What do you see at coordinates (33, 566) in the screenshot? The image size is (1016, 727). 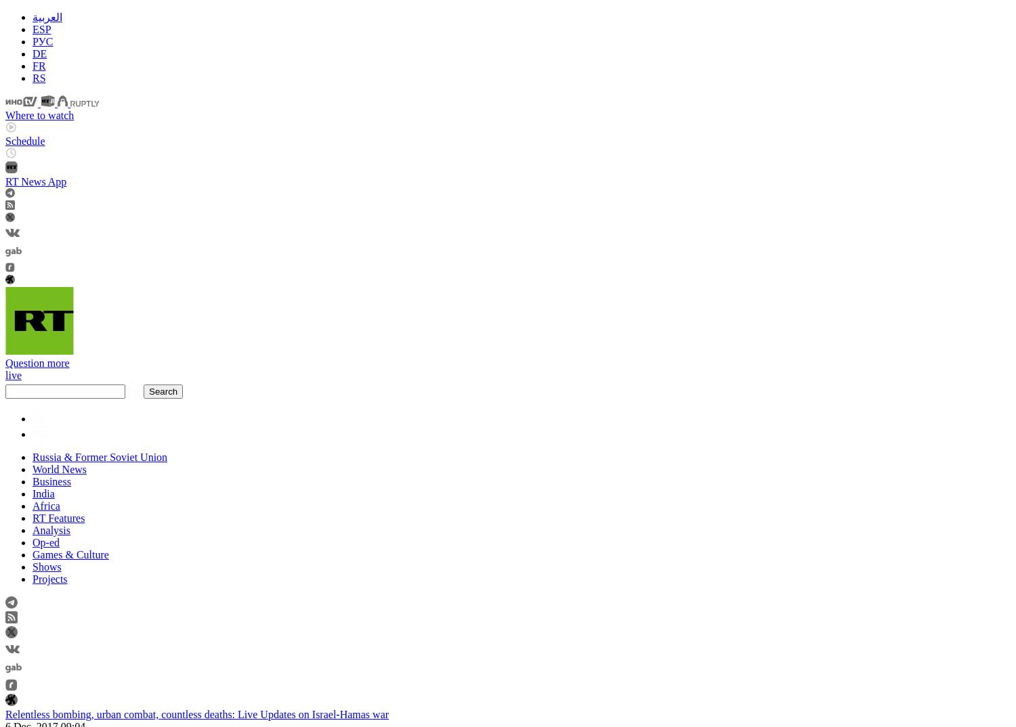 I see `'Shows'` at bounding box center [33, 566].